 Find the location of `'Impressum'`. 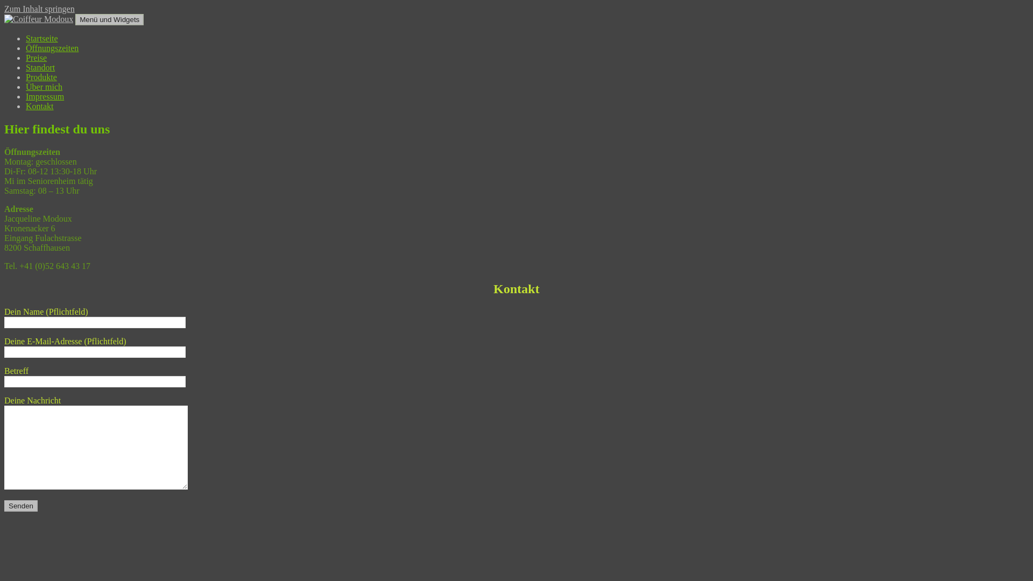

'Impressum' is located at coordinates (44, 96).